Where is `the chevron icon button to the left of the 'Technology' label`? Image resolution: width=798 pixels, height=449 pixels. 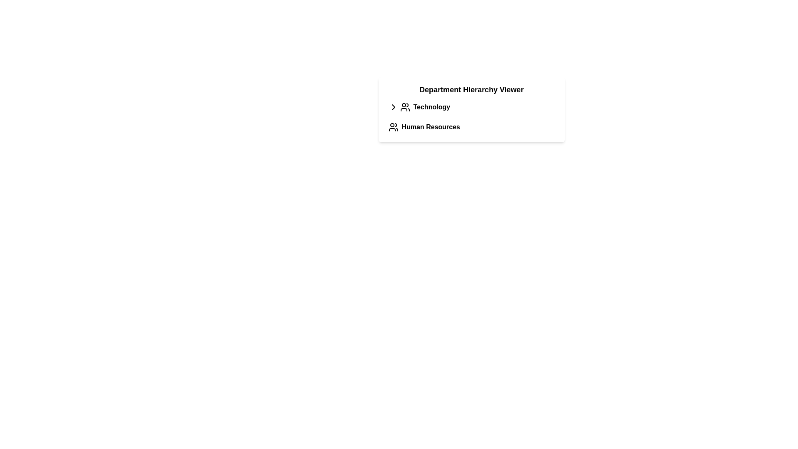
the chevron icon button to the left of the 'Technology' label is located at coordinates (393, 107).